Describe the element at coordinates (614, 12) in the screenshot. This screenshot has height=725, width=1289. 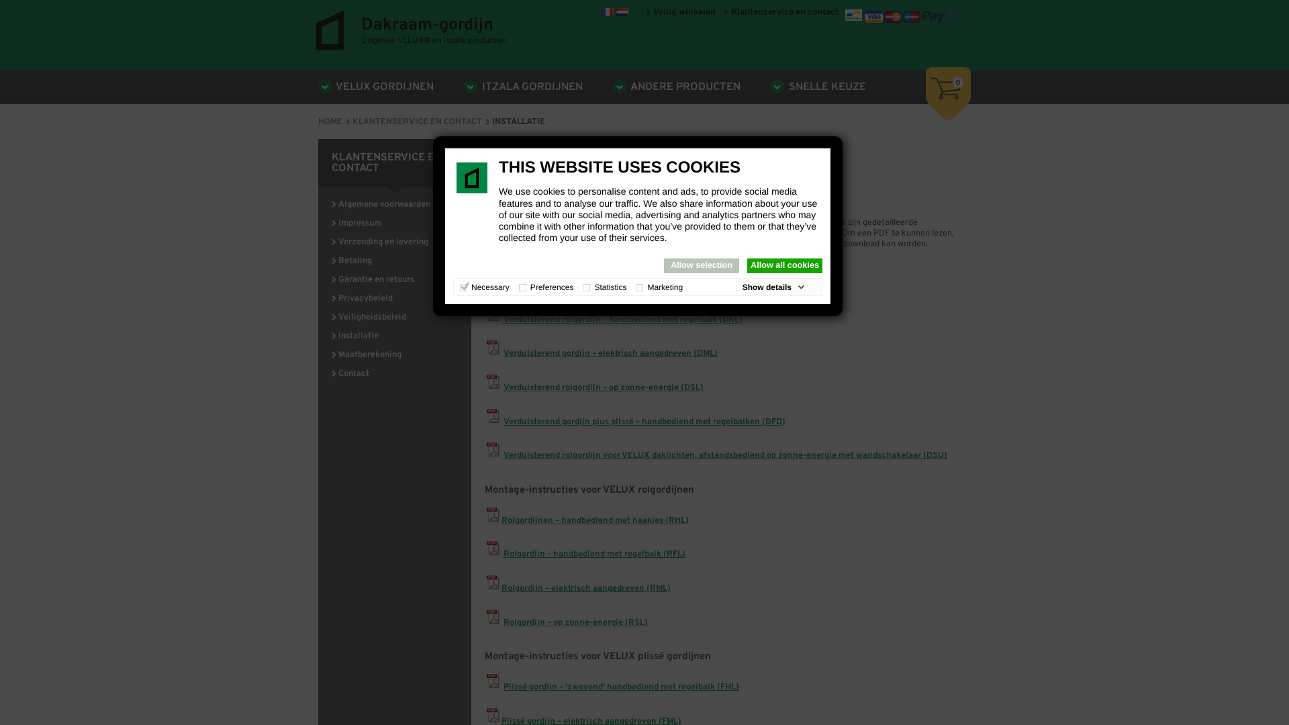
I see `'www.dakraam-gordijn.be'` at that location.